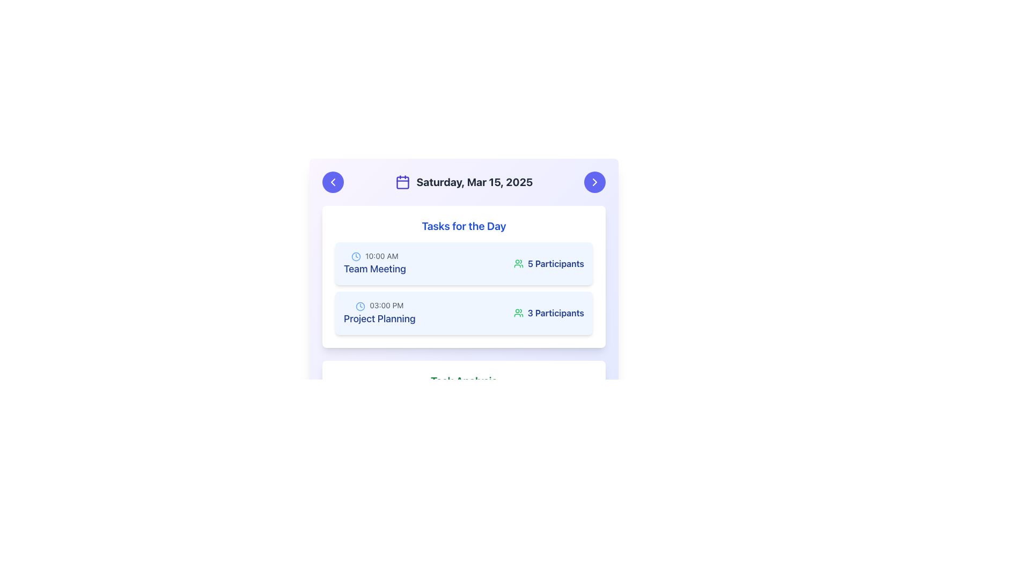 The image size is (1030, 579). Describe the element at coordinates (402, 181) in the screenshot. I see `calendar icon located to the left of the text 'Saturday, Mar 15, 2025', which features a minimalistic design and is styled with a text-indigo-700 color` at that location.